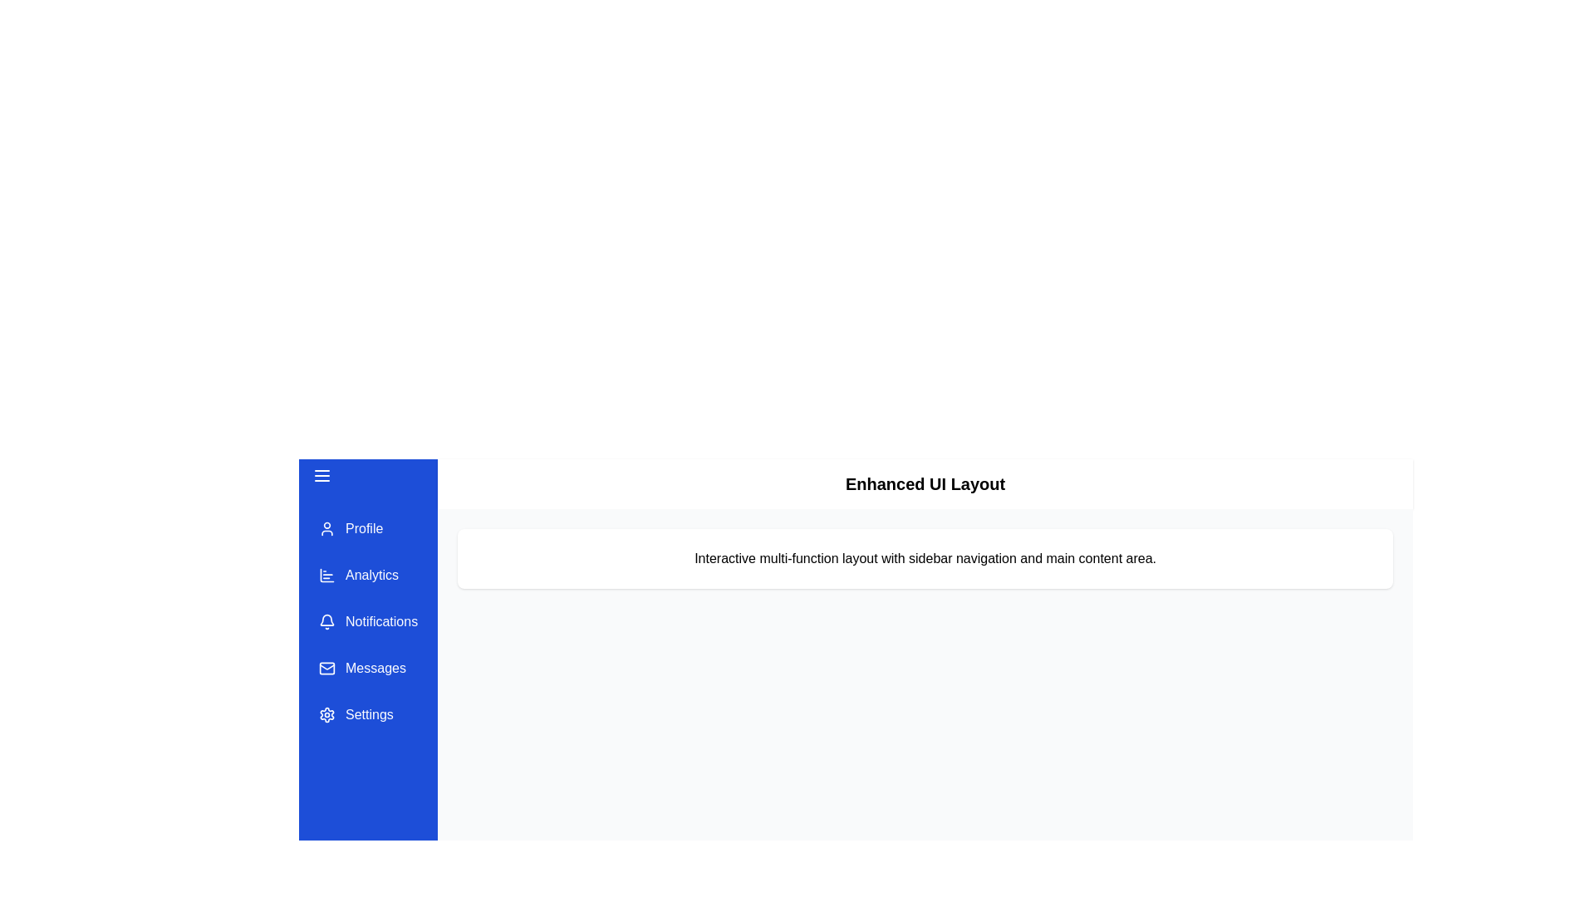  Describe the element at coordinates (361, 668) in the screenshot. I see `the navigation button for 'Messages', which is the fourth item in the vertically stacked menu on the left sidebar, positioned below 'Notifications' and above 'Settings'` at that location.